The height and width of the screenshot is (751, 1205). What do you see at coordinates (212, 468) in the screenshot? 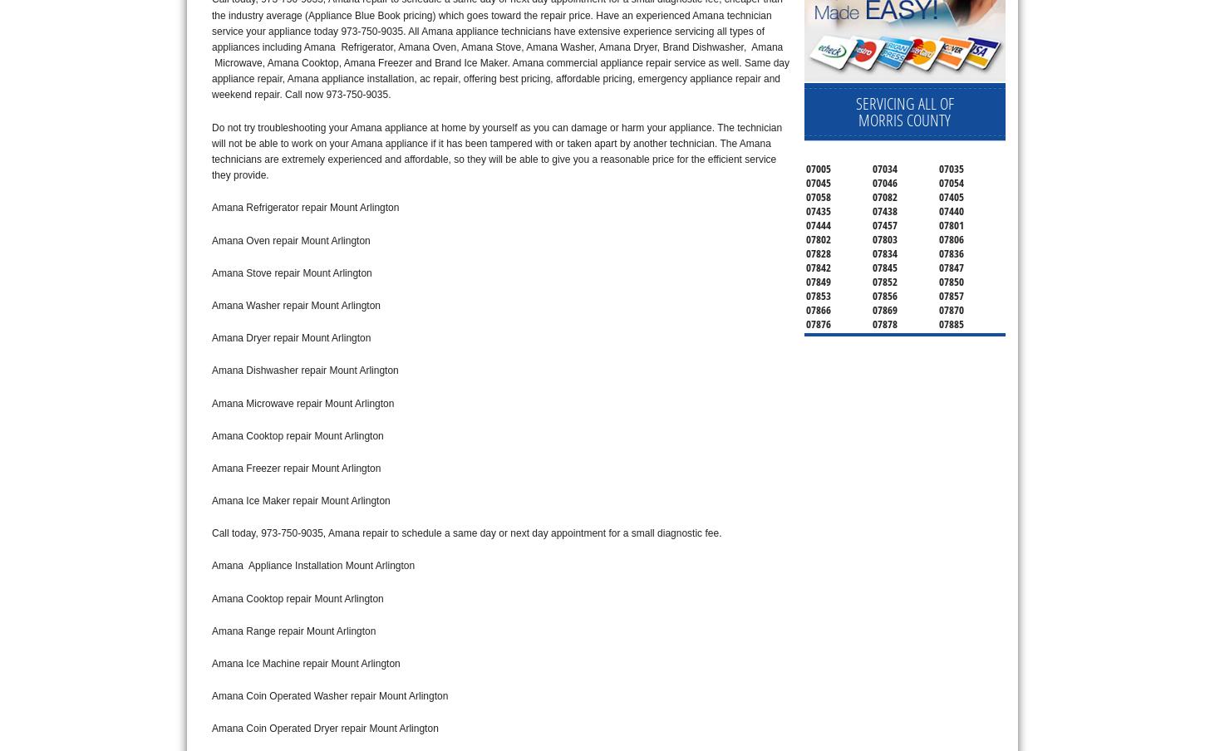
I see `'Amana Freezer repair Mount Arlington'` at bounding box center [212, 468].